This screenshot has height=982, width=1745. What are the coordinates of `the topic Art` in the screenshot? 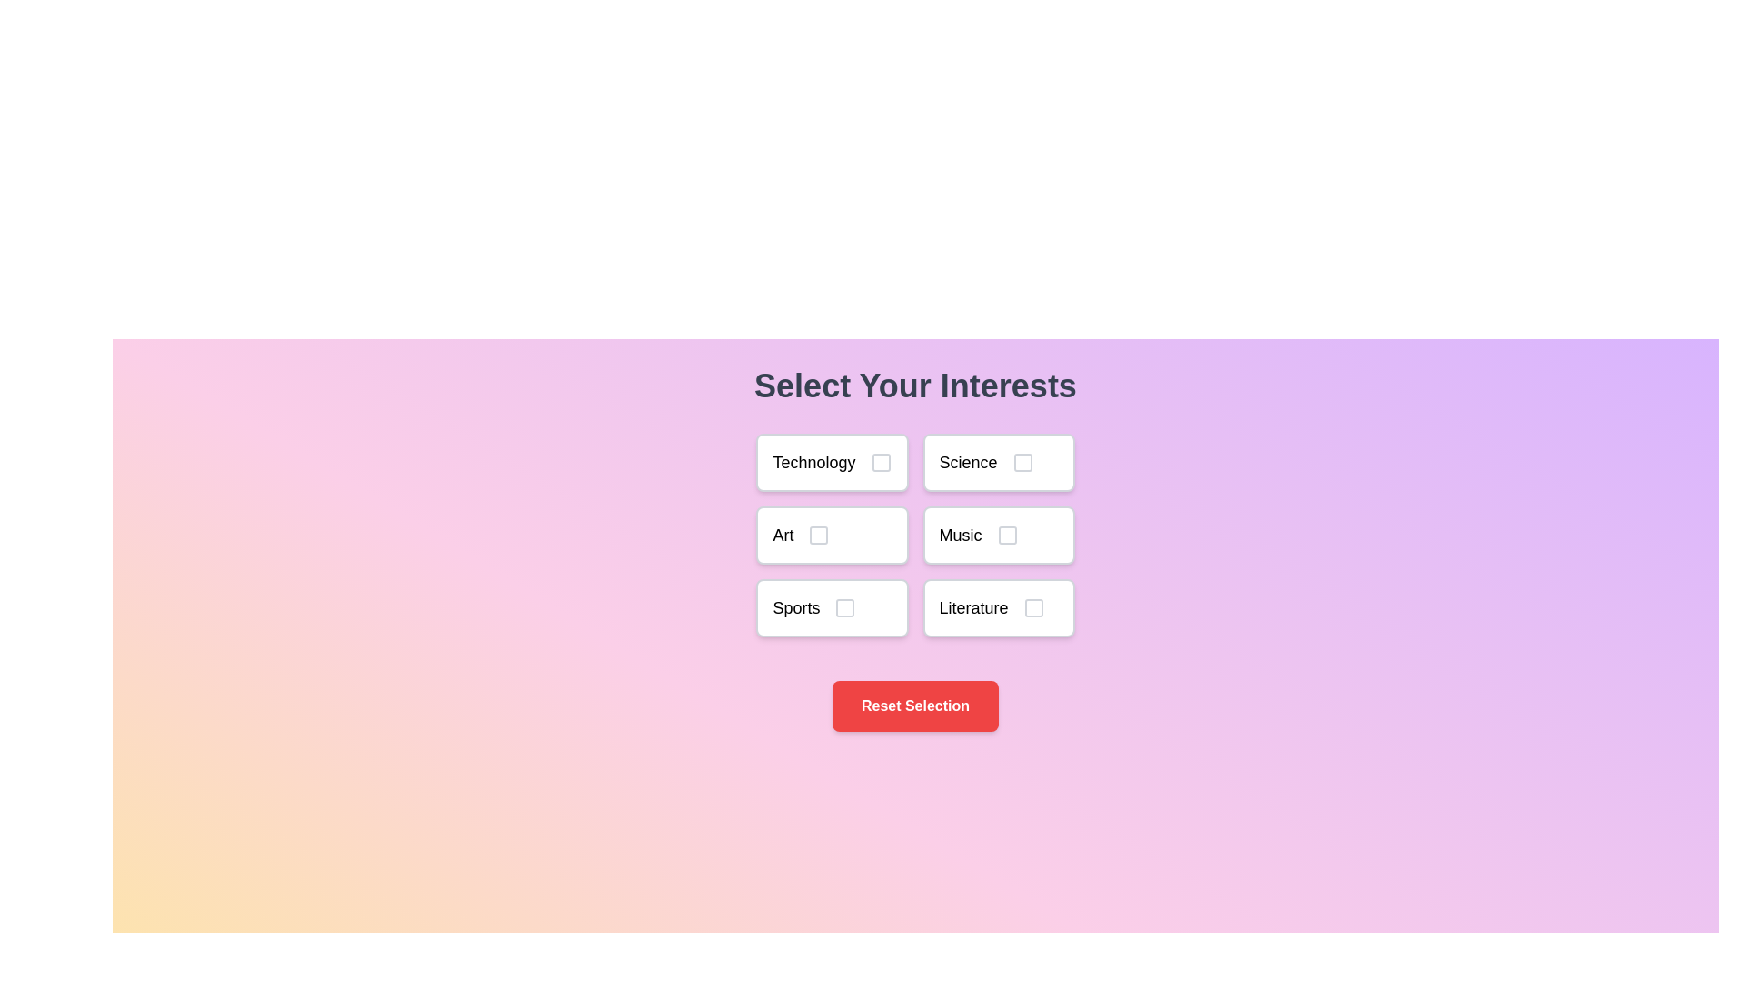 It's located at (832, 535).